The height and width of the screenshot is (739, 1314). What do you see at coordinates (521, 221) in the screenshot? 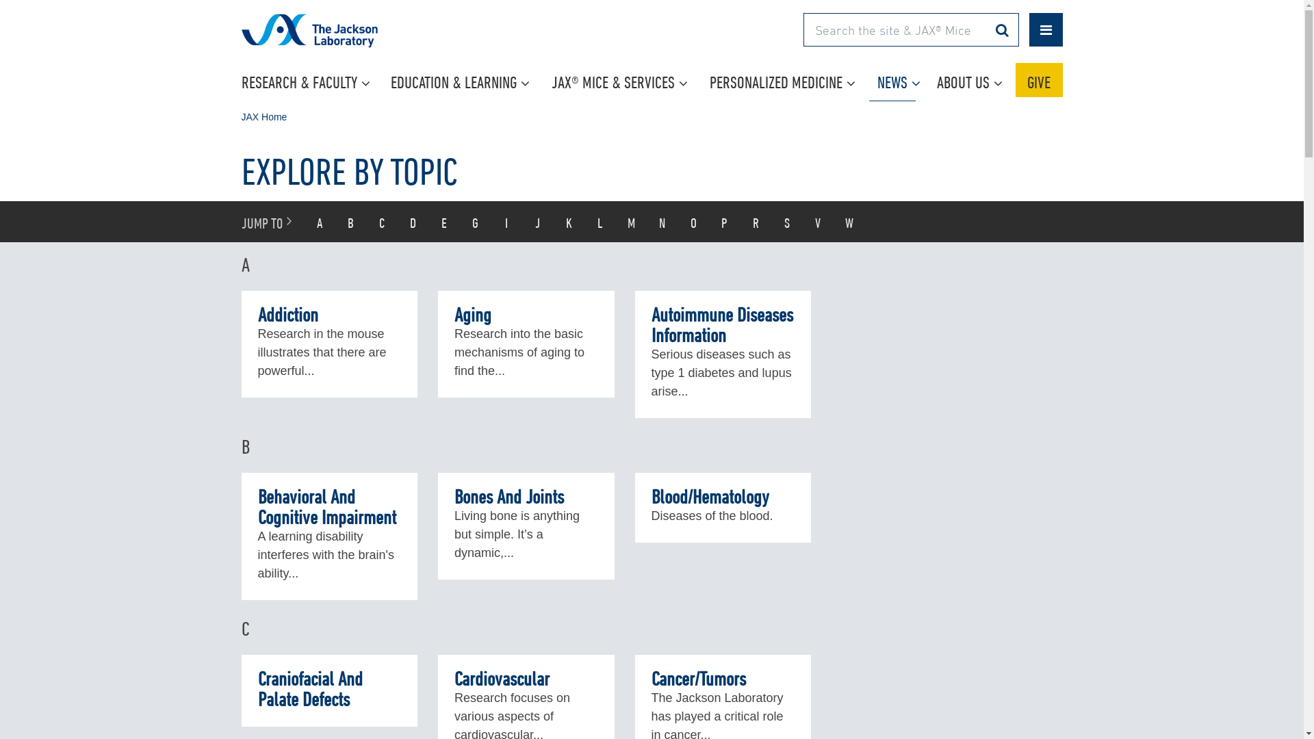
I see `'J'` at bounding box center [521, 221].